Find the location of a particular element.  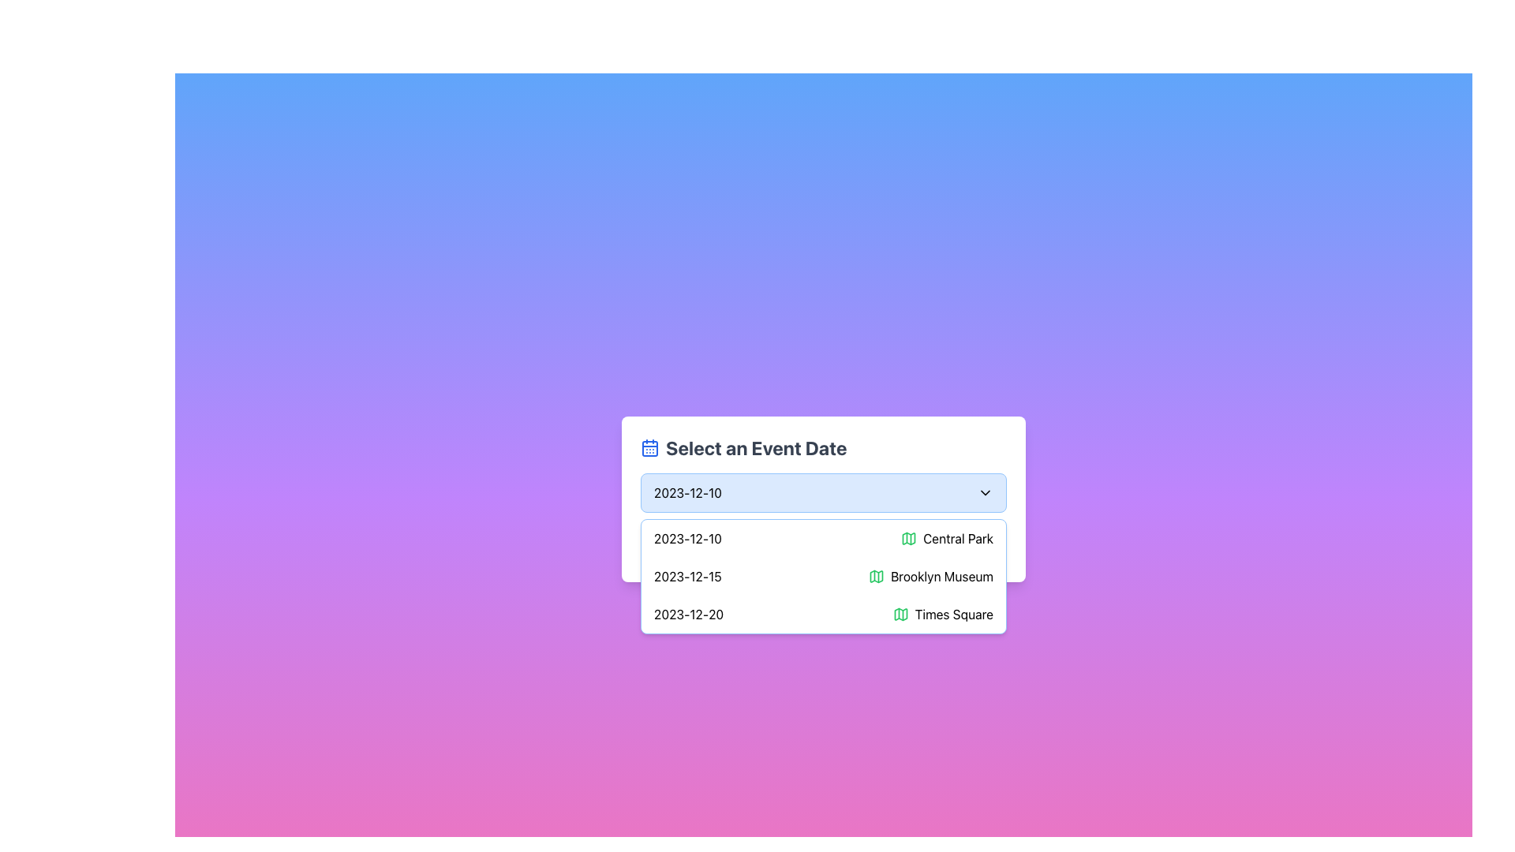

text 'Central Park' in the dropdown list under 'Select an Event Date', which is accompanied by a green map icon is located at coordinates (947, 537).